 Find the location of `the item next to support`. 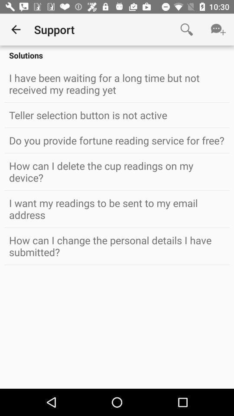

the item next to support is located at coordinates (16, 29).